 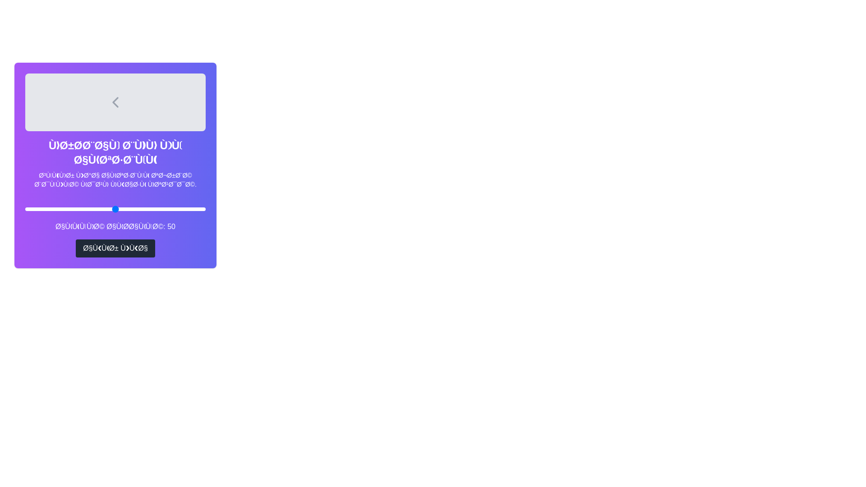 What do you see at coordinates (115, 102) in the screenshot?
I see `the navigation button located within a gray, rounded rectangular area at the top of a card-like widget` at bounding box center [115, 102].